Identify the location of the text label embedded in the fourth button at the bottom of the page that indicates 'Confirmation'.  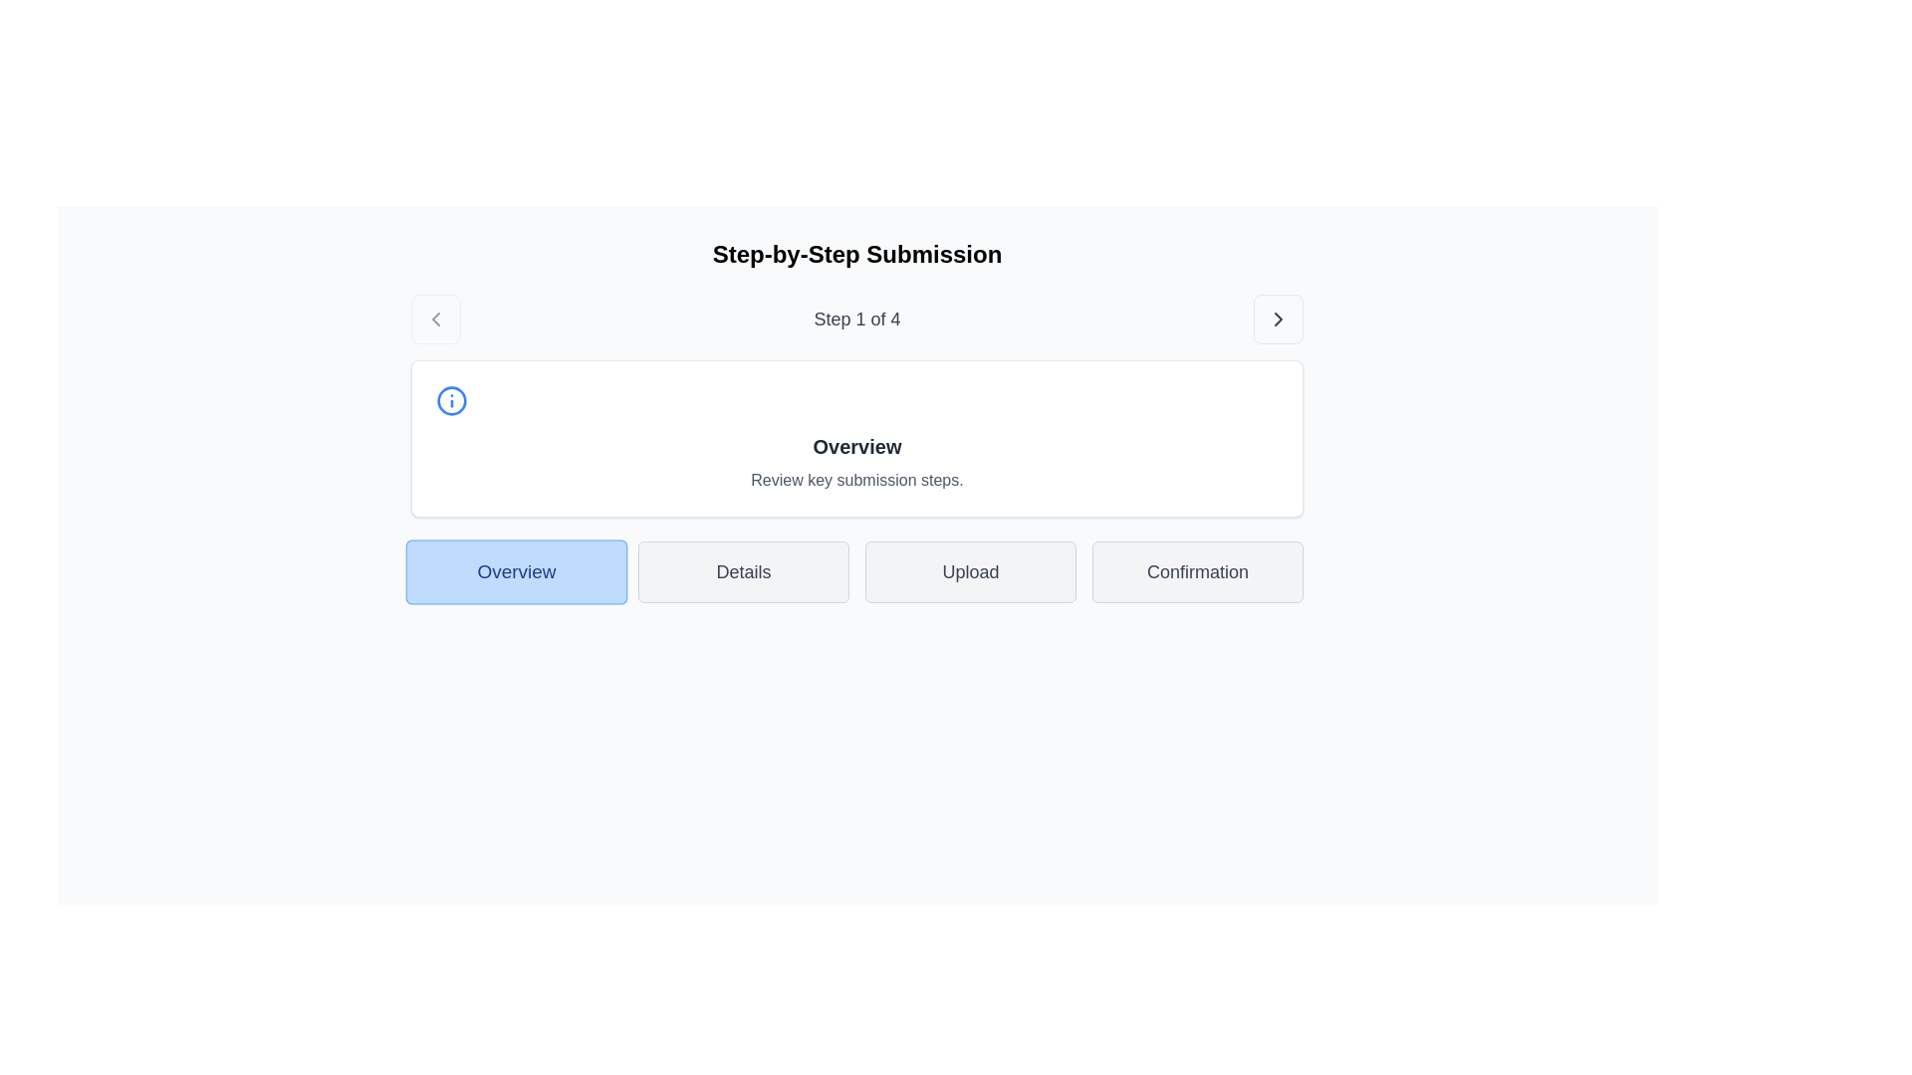
(1197, 571).